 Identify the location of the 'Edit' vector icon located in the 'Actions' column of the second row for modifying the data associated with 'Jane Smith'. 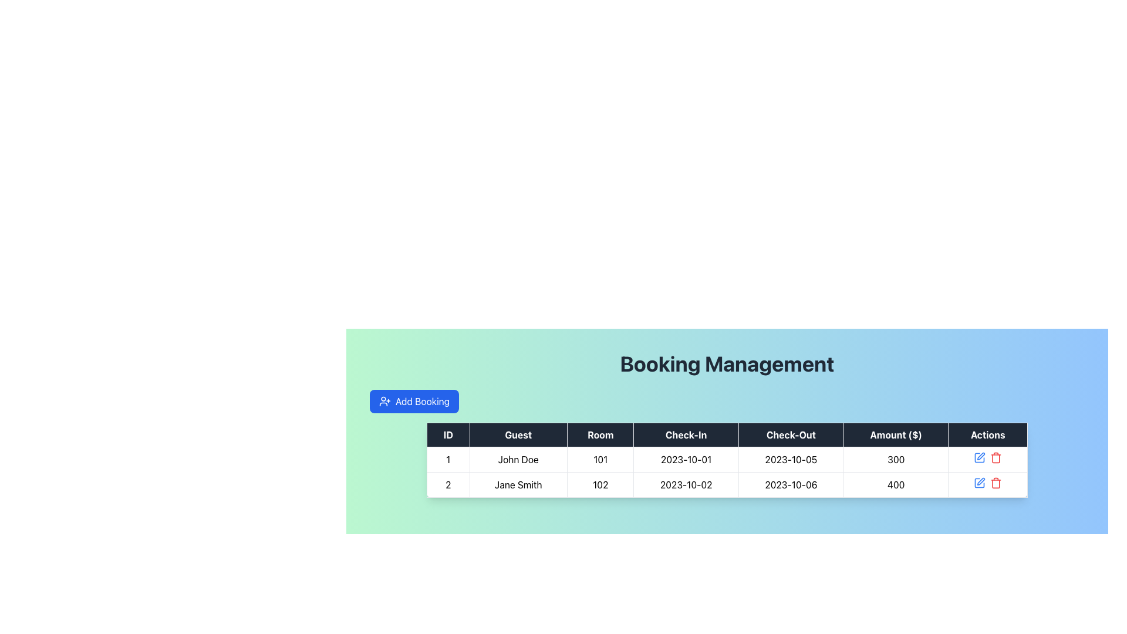
(980, 483).